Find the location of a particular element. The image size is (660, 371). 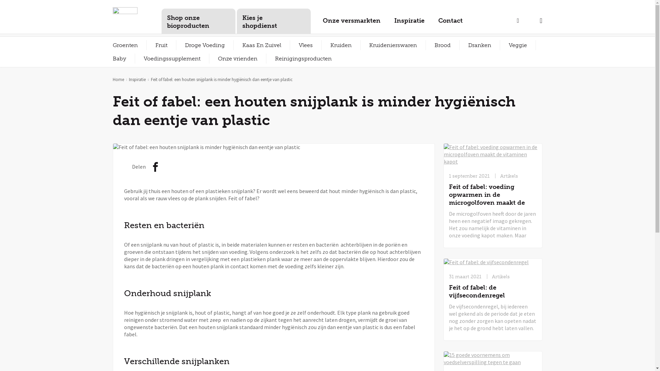

'Onze versmarkten' is located at coordinates (351, 23).